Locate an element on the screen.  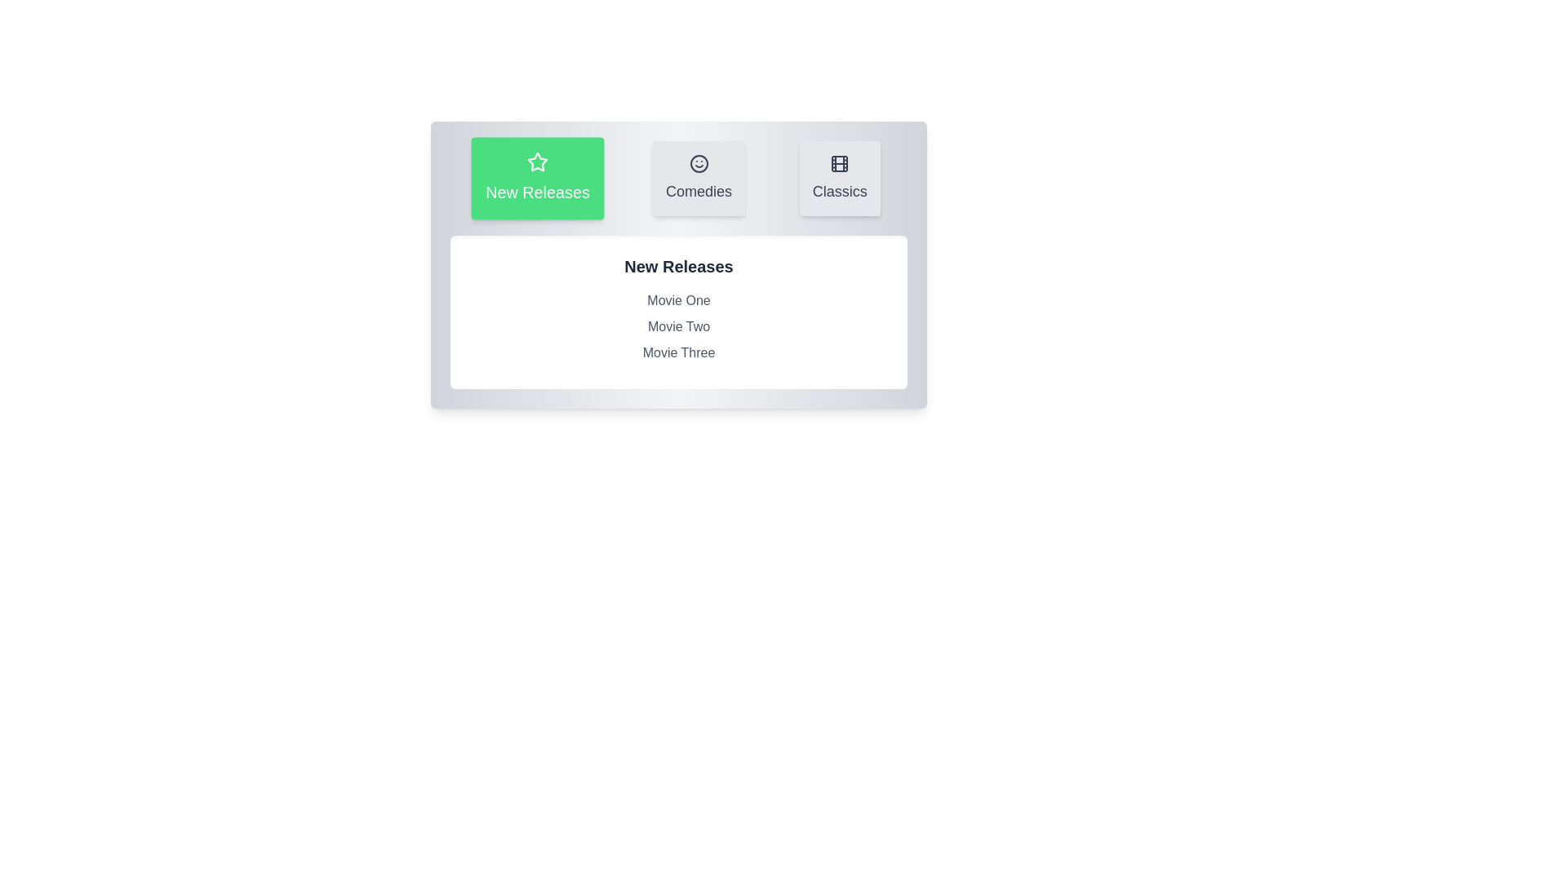
the tab labeled Comedies is located at coordinates (699, 179).